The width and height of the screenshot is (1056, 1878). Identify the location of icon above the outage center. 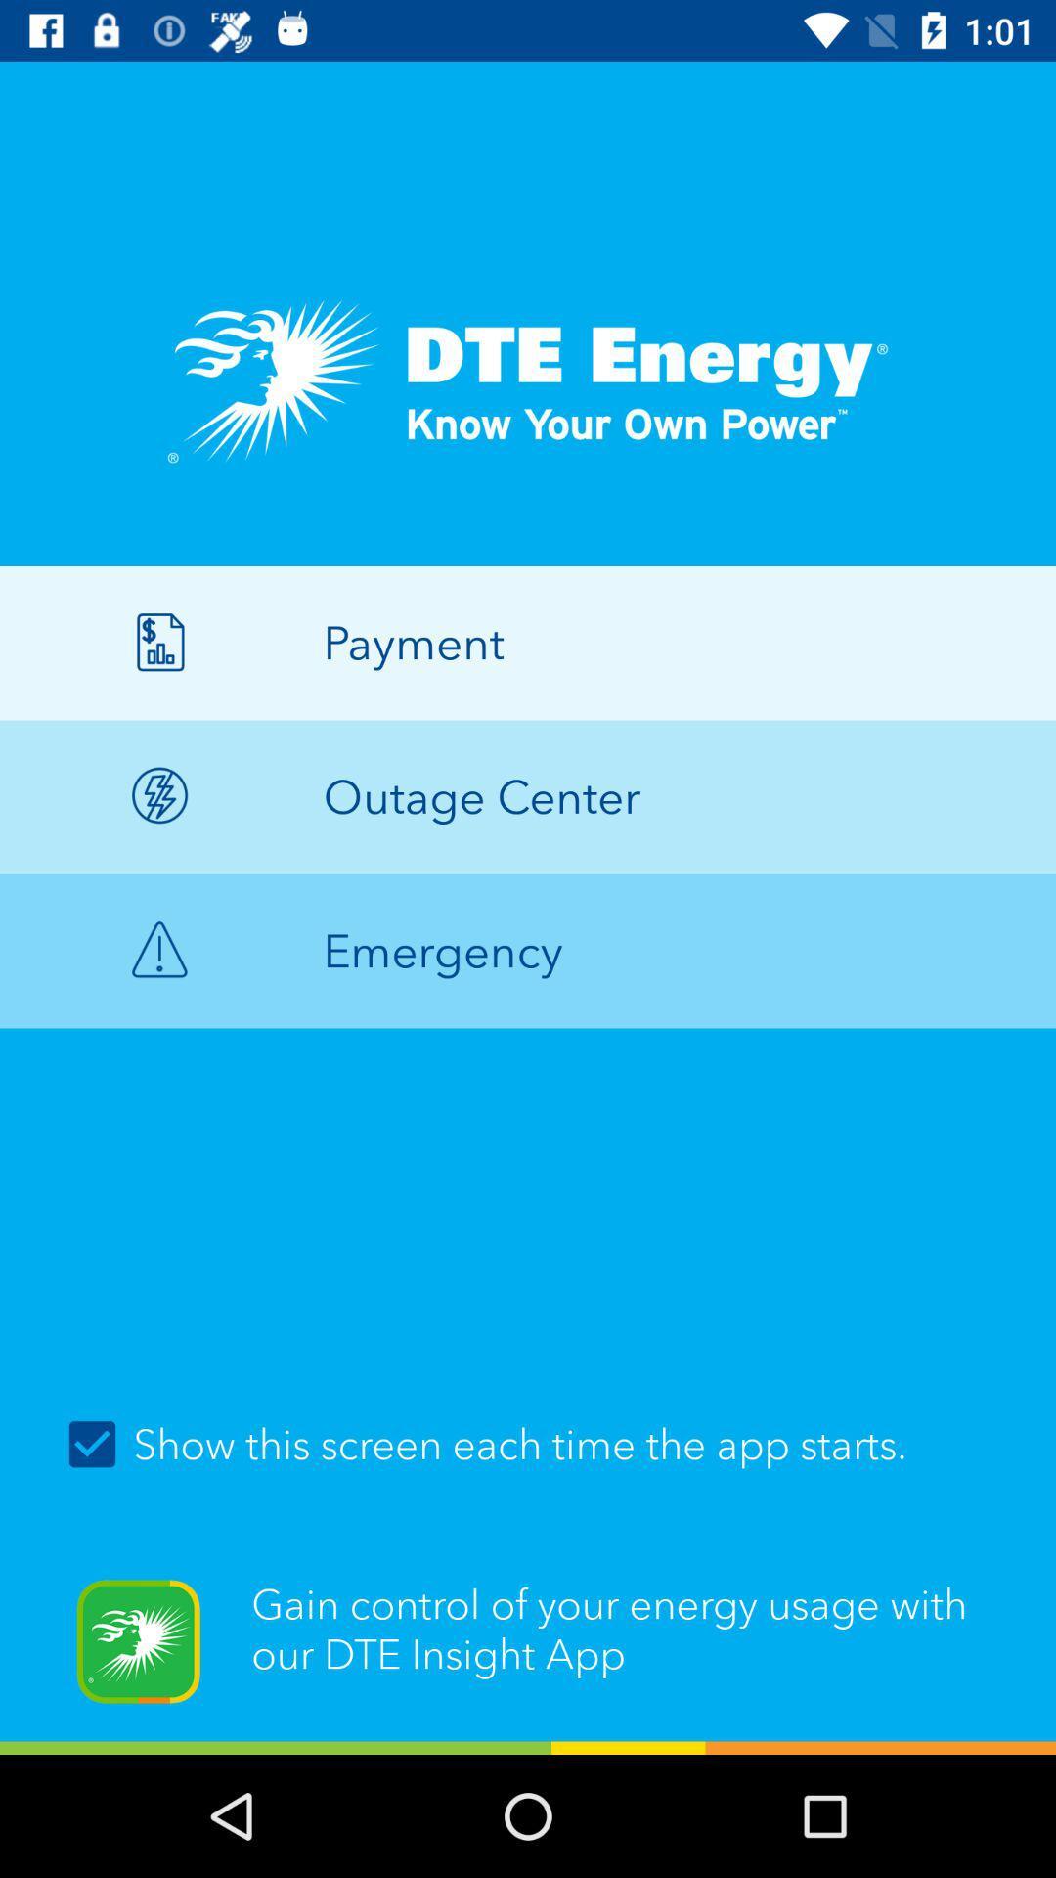
(528, 643).